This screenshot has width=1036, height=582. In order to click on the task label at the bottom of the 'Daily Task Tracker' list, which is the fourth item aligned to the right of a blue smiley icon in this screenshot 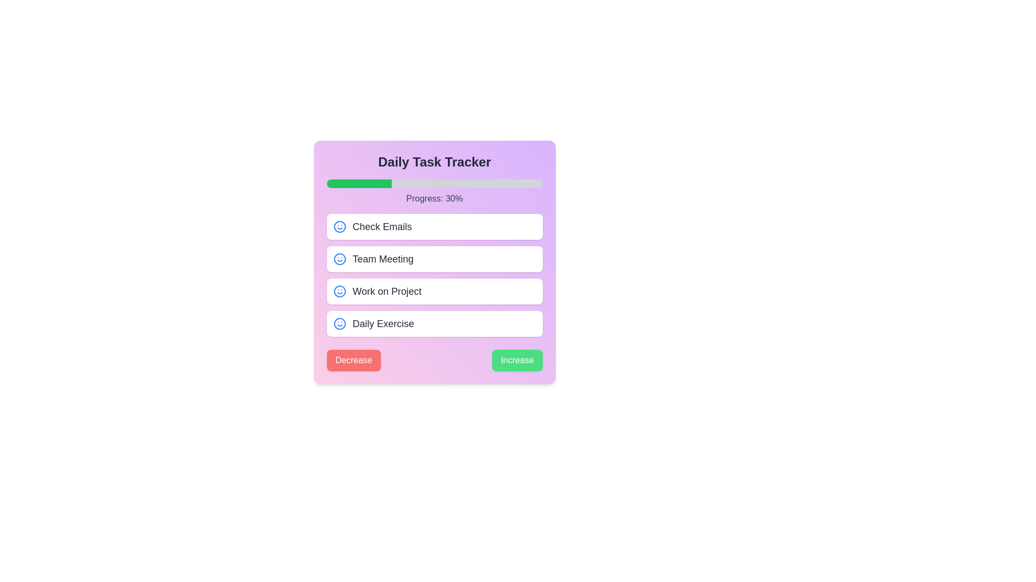, I will do `click(383, 323)`.